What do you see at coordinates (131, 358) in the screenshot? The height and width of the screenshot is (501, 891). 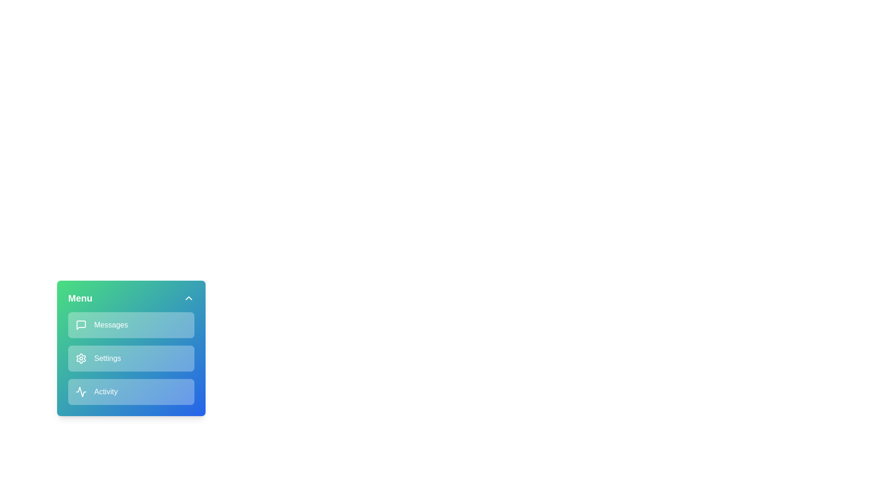 I see `the menu item labeled Settings to observe its hover effect` at bounding box center [131, 358].